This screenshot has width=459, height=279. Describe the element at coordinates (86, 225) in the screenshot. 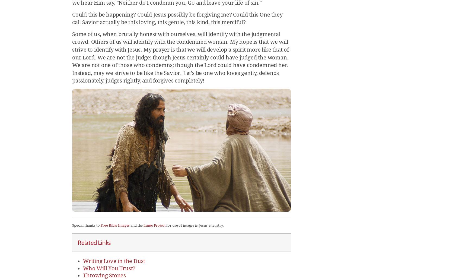

I see `'Special thanks to'` at that location.